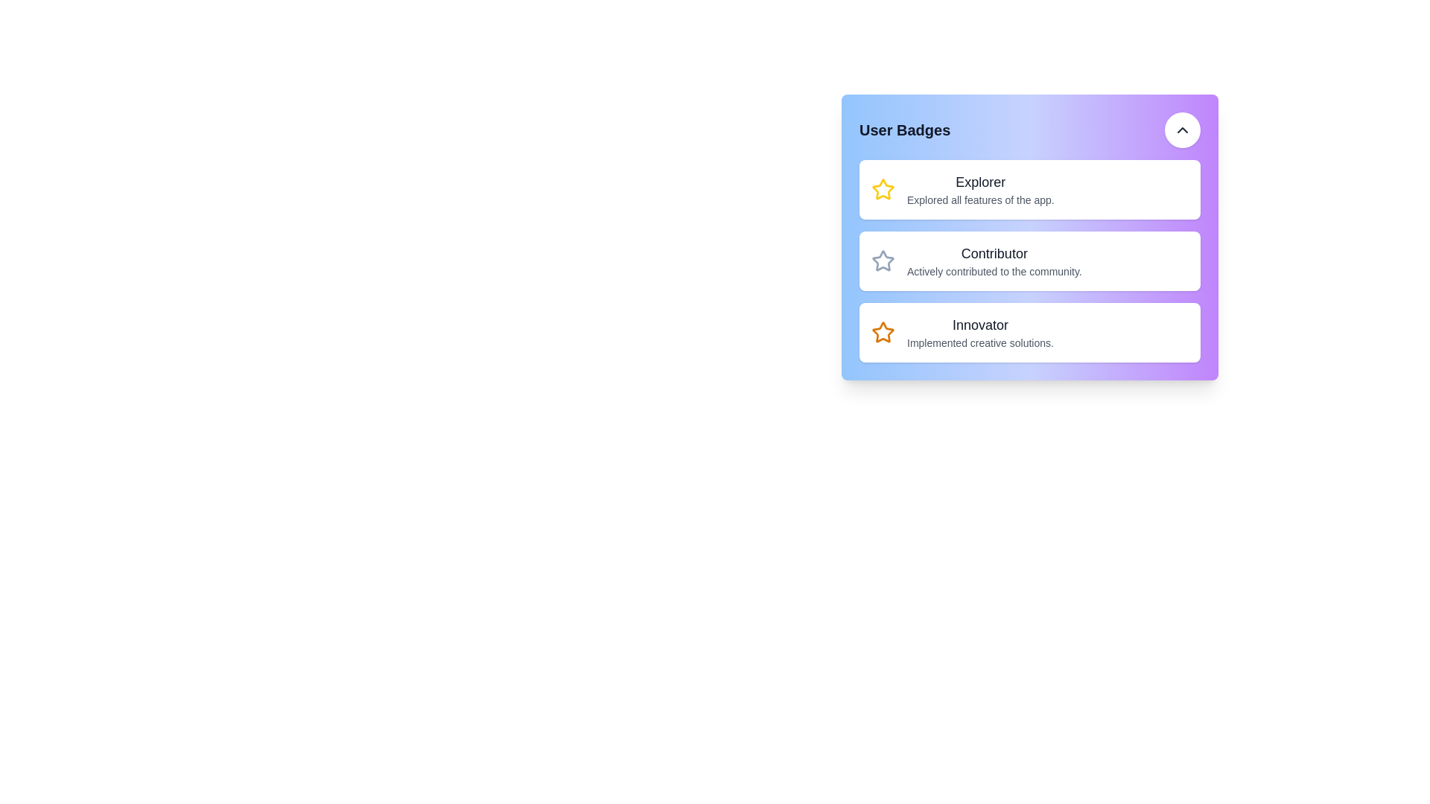 The image size is (1430, 804). Describe the element at coordinates (904, 129) in the screenshot. I see `the static text element that serves as a section title indicating user badges, located at the top-left corner of the card component` at that location.